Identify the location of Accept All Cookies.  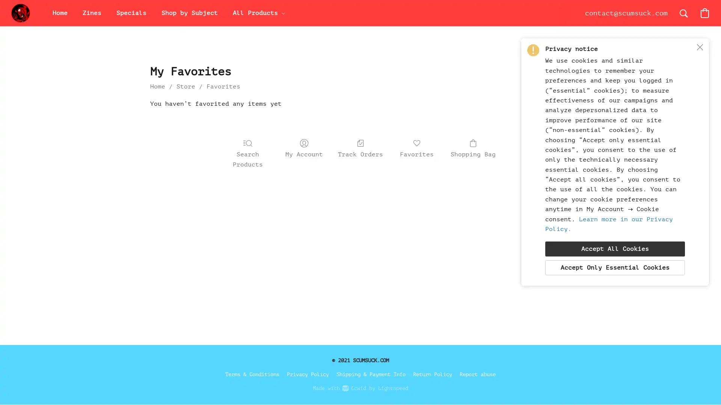
(615, 249).